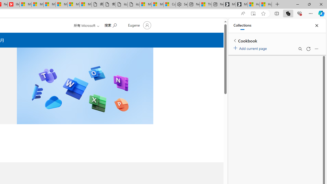  What do you see at coordinates (266, 4) in the screenshot?
I see `'How to Use a TV as a Computer Monitor'` at bounding box center [266, 4].